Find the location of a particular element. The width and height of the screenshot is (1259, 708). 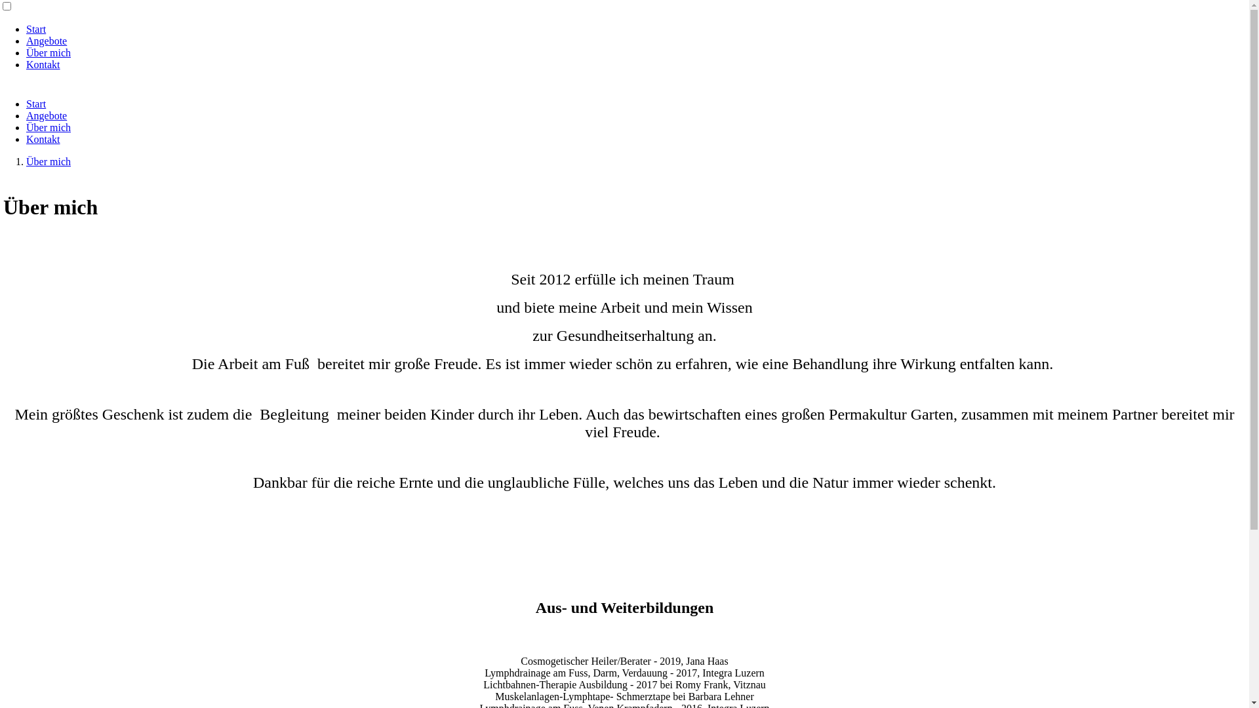

'Angebote' is located at coordinates (47, 40).